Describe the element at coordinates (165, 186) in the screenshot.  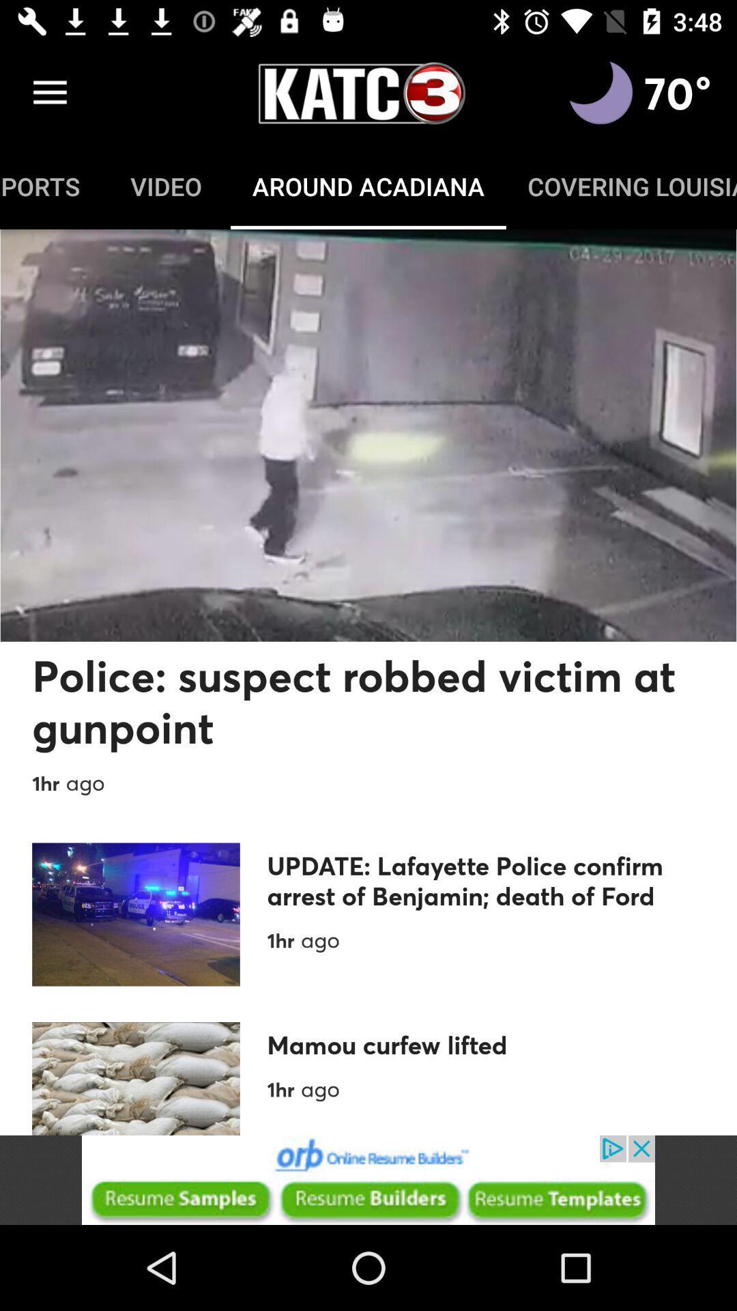
I see `the text right to ports` at that location.